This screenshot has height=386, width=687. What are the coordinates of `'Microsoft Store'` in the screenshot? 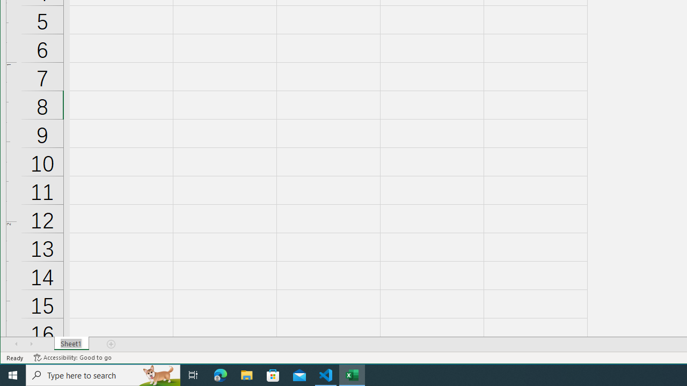 It's located at (273, 374).